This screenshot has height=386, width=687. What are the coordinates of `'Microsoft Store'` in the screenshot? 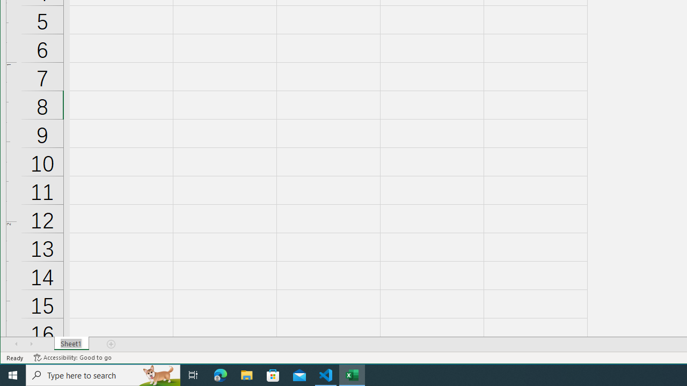 It's located at (273, 374).